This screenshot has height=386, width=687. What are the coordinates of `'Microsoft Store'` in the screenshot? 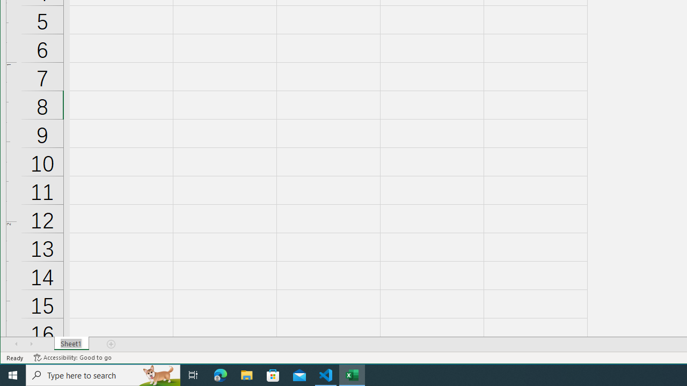 It's located at (273, 374).